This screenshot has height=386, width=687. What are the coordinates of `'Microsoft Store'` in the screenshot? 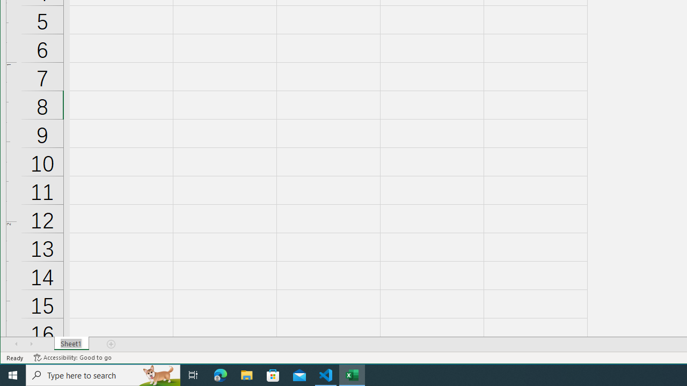 It's located at (273, 374).